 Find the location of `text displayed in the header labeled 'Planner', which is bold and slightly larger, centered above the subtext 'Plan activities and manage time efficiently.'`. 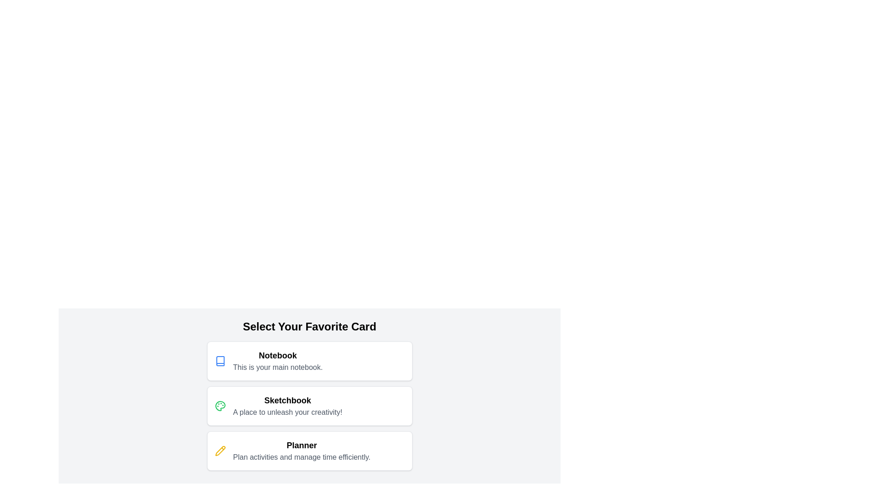

text displayed in the header labeled 'Planner', which is bold and slightly larger, centered above the subtext 'Plan activities and manage time efficiently.' is located at coordinates (302, 445).